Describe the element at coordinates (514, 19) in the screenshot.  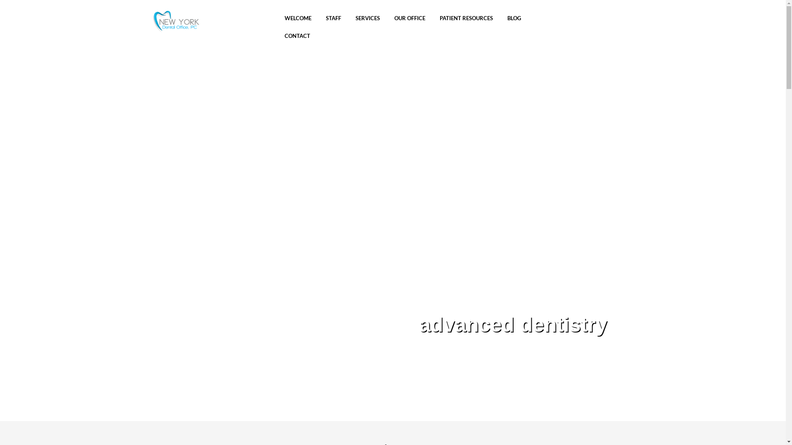
I see `'BLOG'` at that location.